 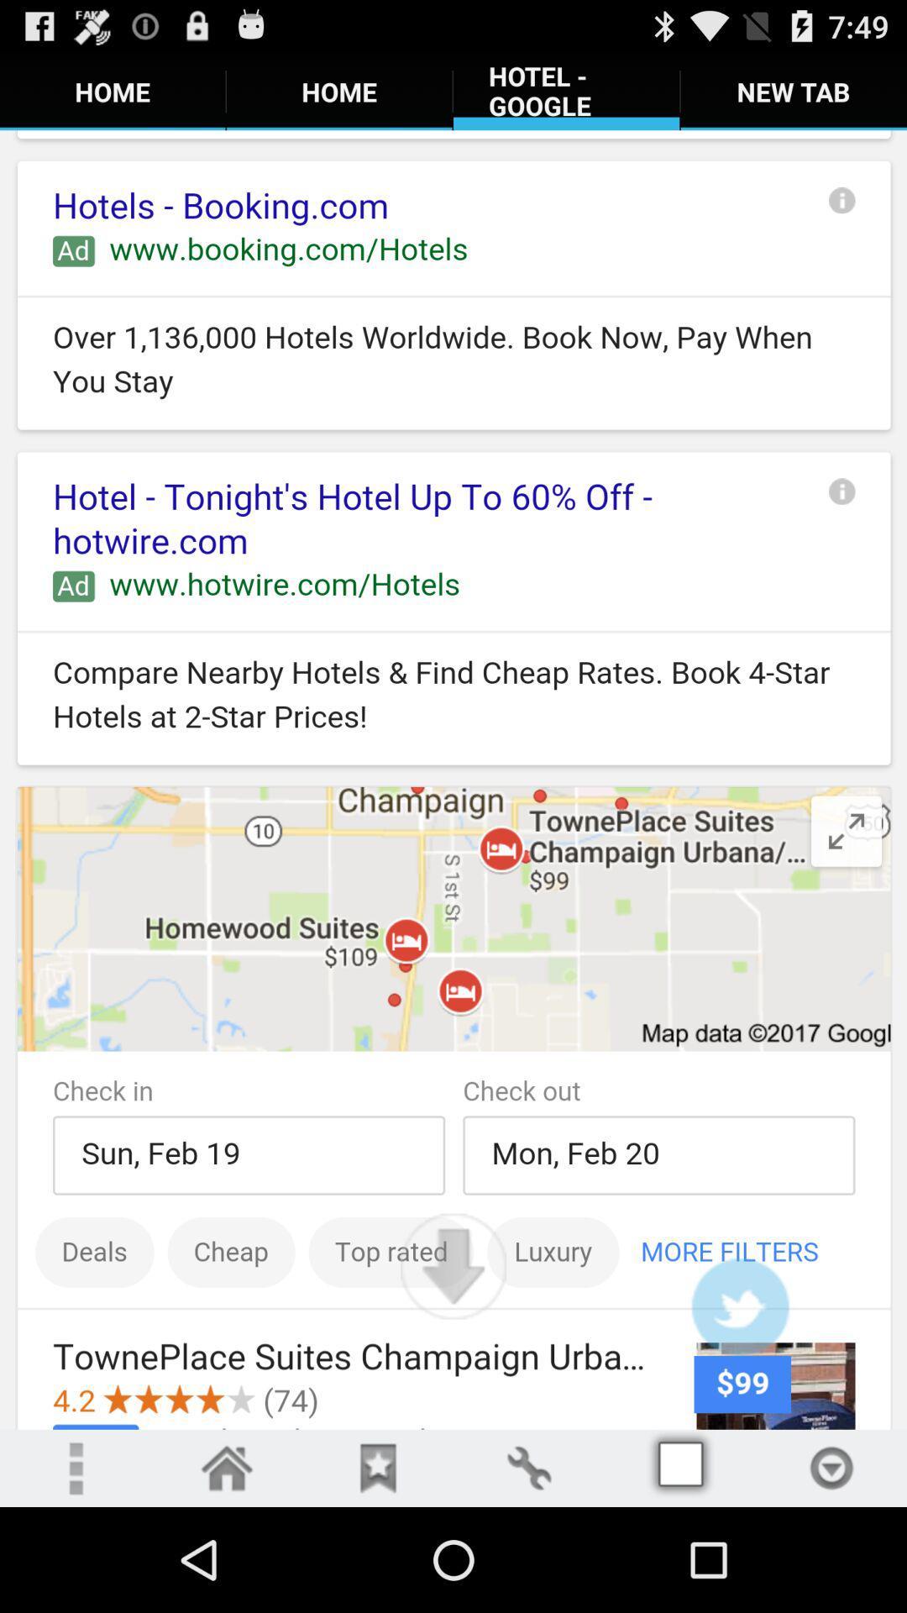 What do you see at coordinates (527, 1467) in the screenshot?
I see `settings switch option` at bounding box center [527, 1467].